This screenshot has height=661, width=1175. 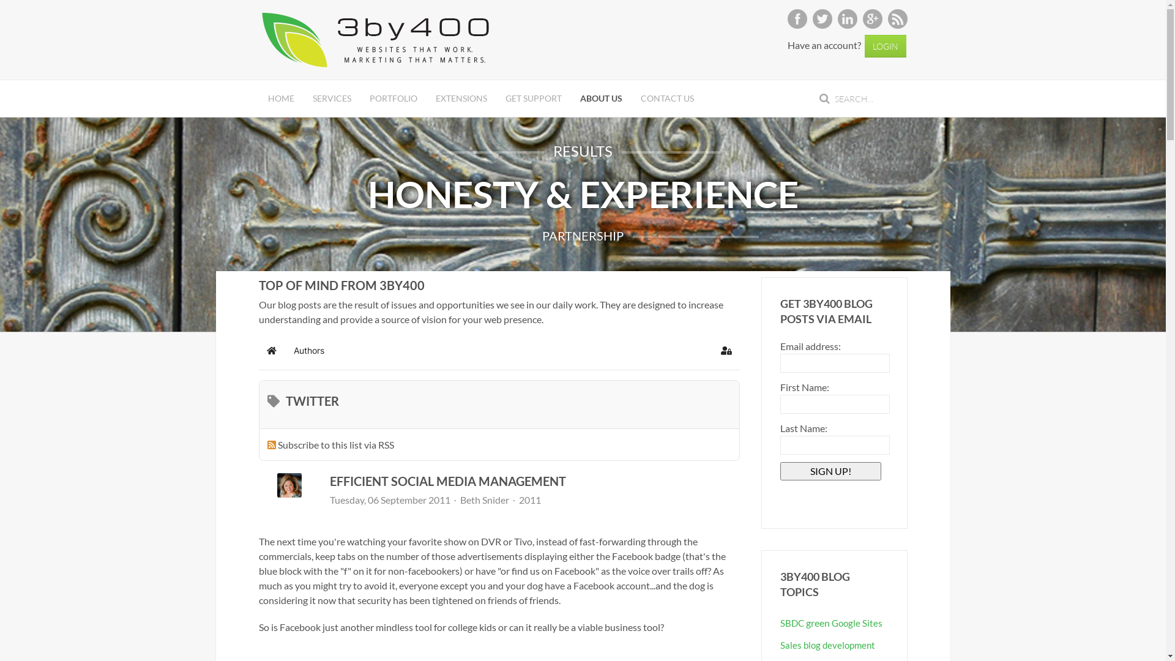 I want to click on '2011', so click(x=529, y=500).